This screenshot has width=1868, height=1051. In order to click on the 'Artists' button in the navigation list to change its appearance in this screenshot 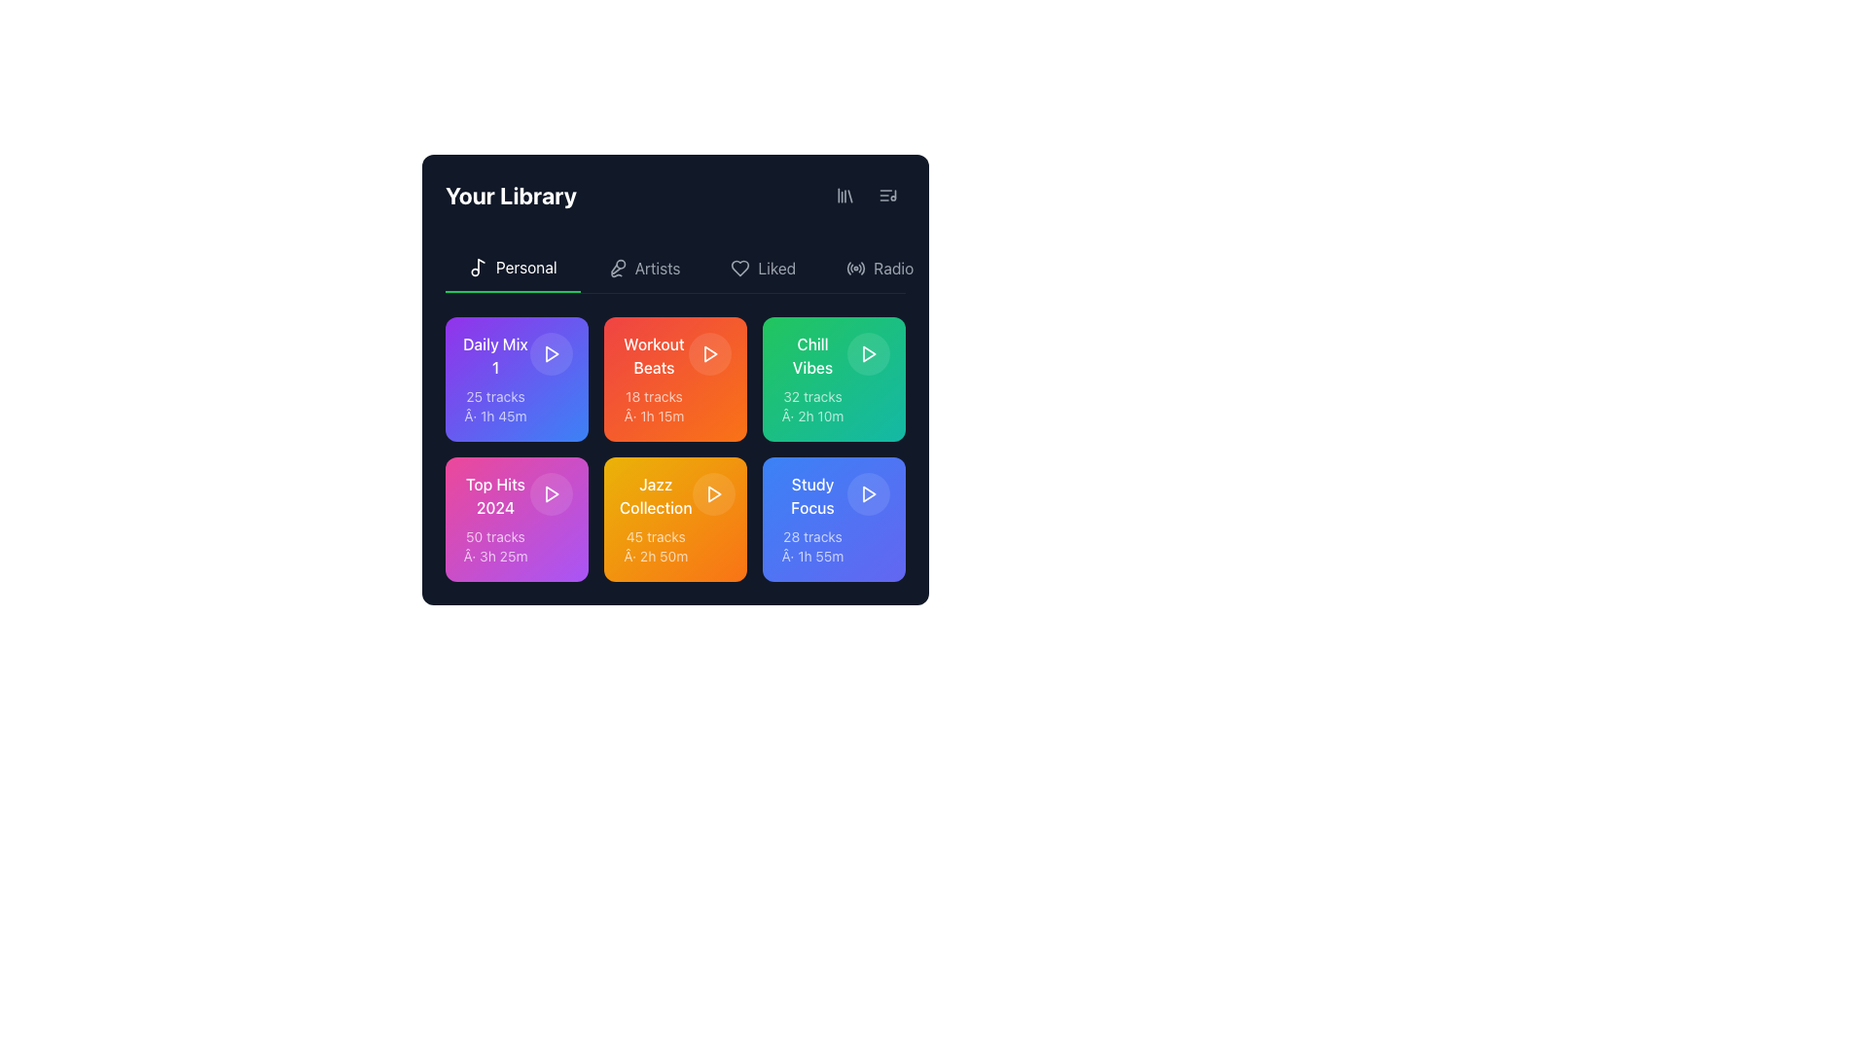, I will do `click(644, 269)`.